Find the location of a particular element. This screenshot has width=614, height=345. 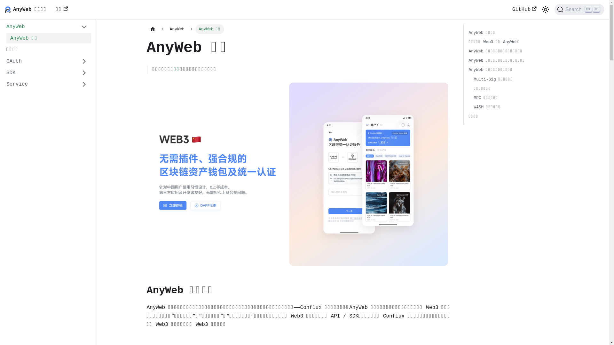

'Search is located at coordinates (579, 10).